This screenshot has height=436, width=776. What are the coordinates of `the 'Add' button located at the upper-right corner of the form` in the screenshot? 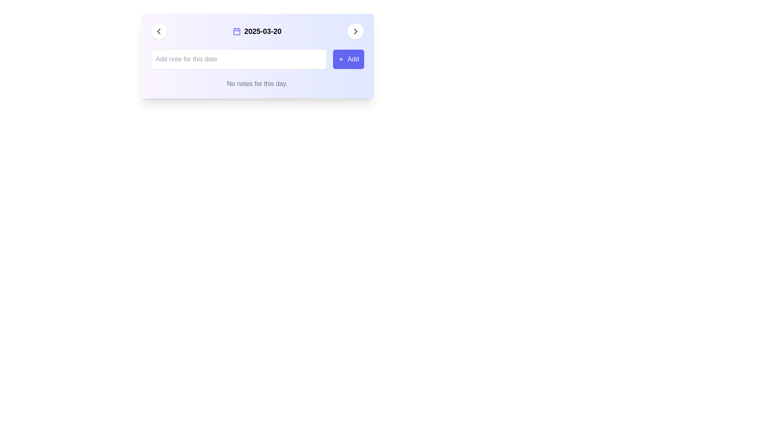 It's located at (341, 59).